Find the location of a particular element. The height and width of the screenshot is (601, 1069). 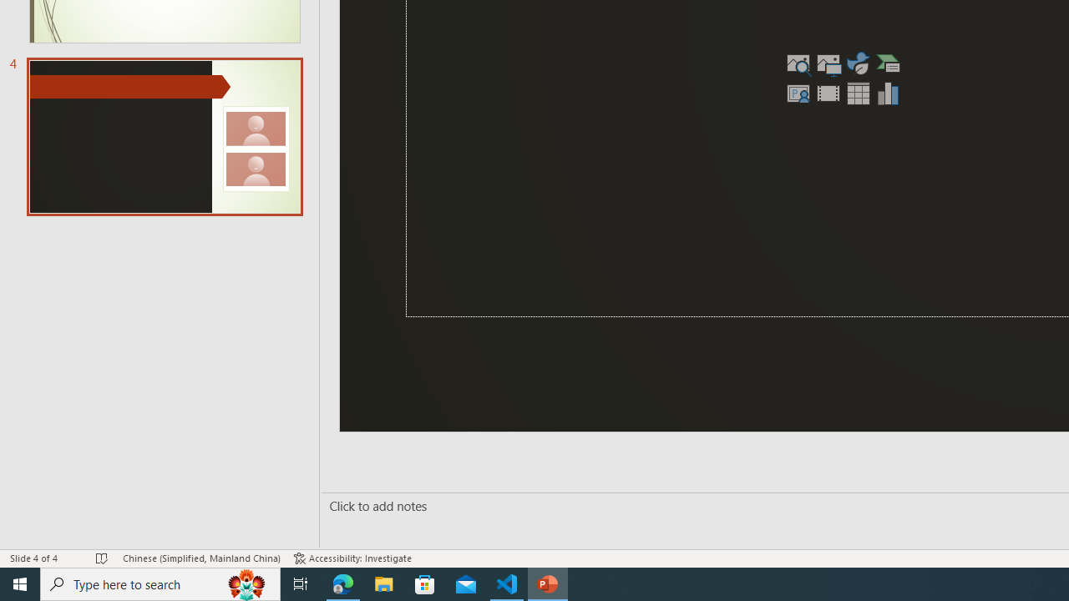

'Stock Images' is located at coordinates (797, 62).